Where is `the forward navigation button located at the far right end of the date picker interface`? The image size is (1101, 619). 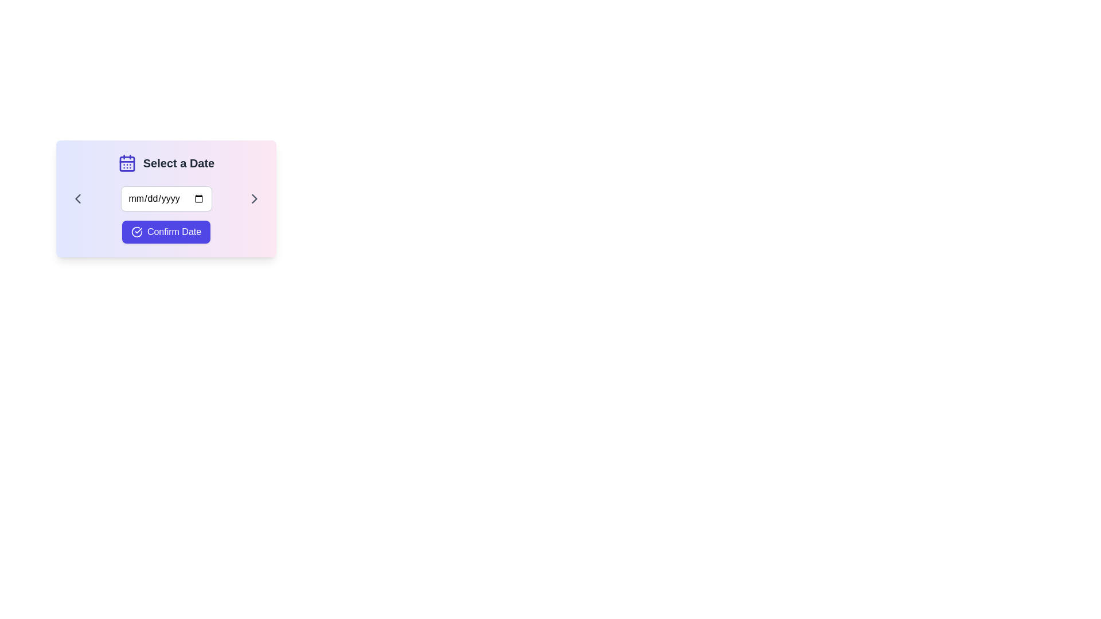
the forward navigation button located at the far right end of the date picker interface is located at coordinates (254, 198).